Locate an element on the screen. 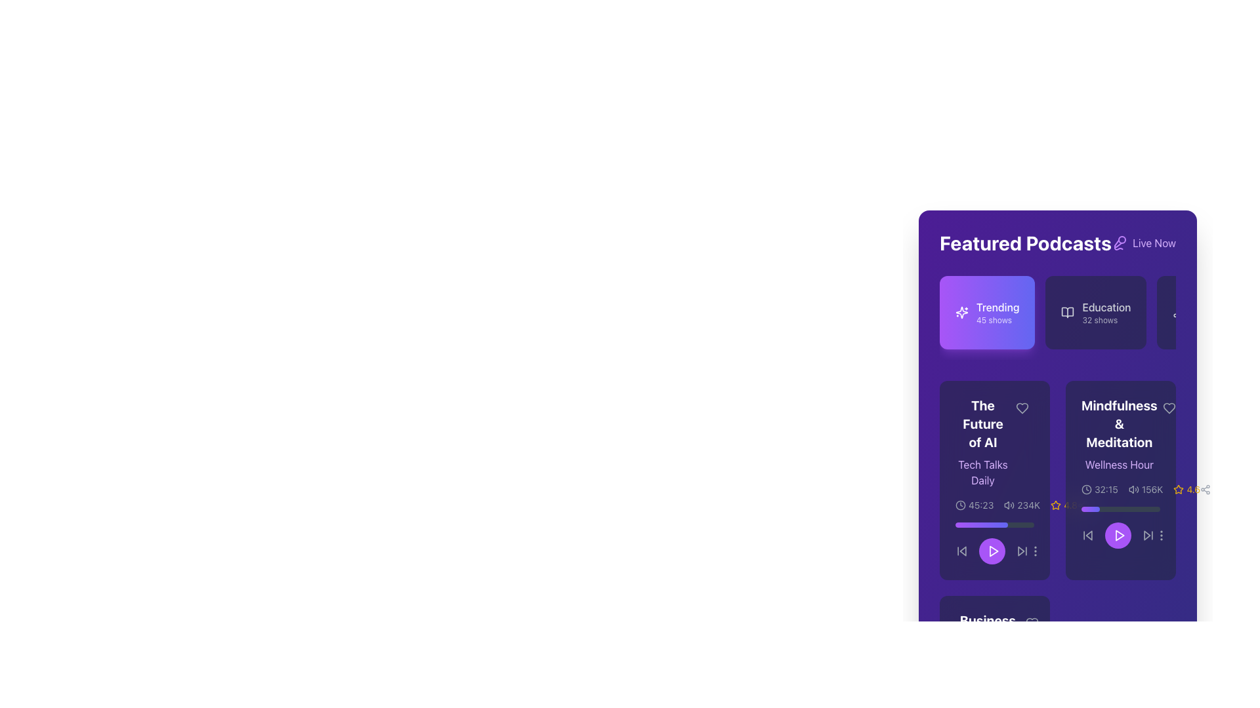  the progress visually by interacting with the progress bar located in the content card for 'The Future of AI' podcast, which is situated underneath the descriptive text and above the playback control buttons is located at coordinates (995, 524).